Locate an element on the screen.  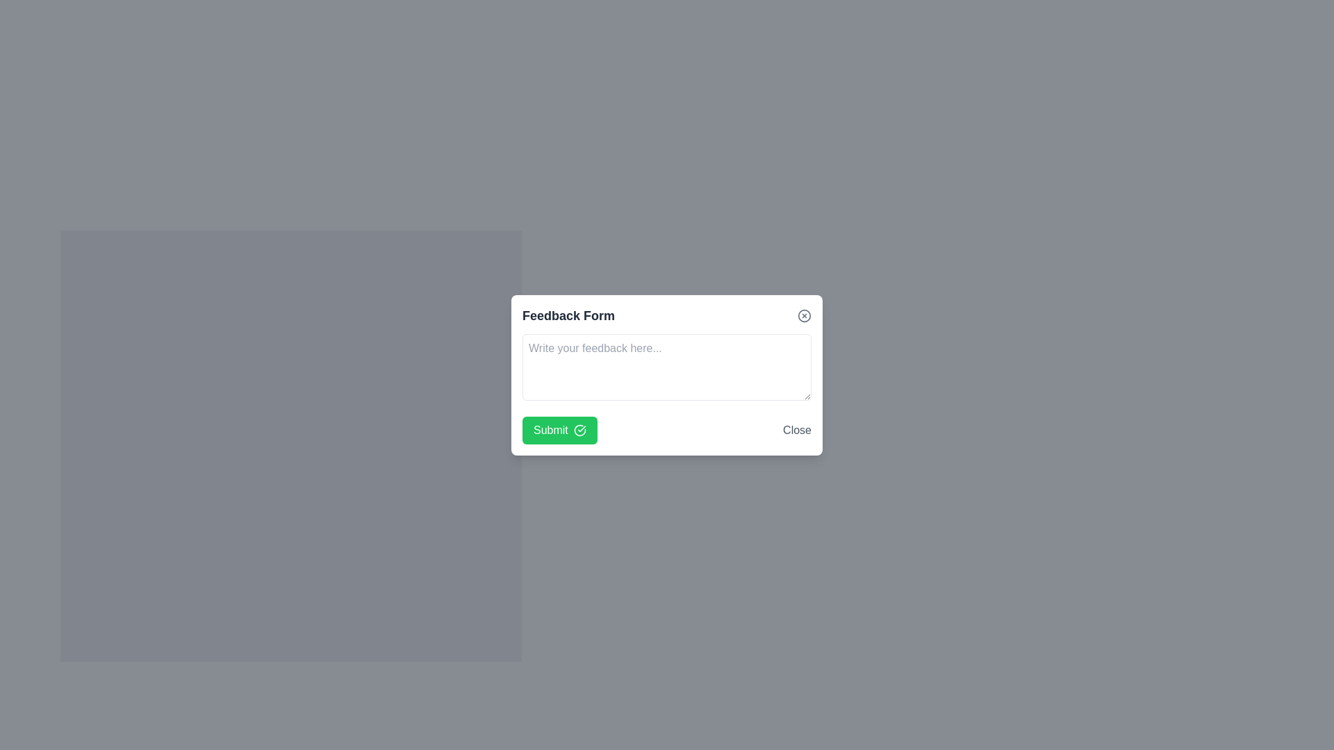
the 'Close' button to dismiss the dialog is located at coordinates (797, 429).